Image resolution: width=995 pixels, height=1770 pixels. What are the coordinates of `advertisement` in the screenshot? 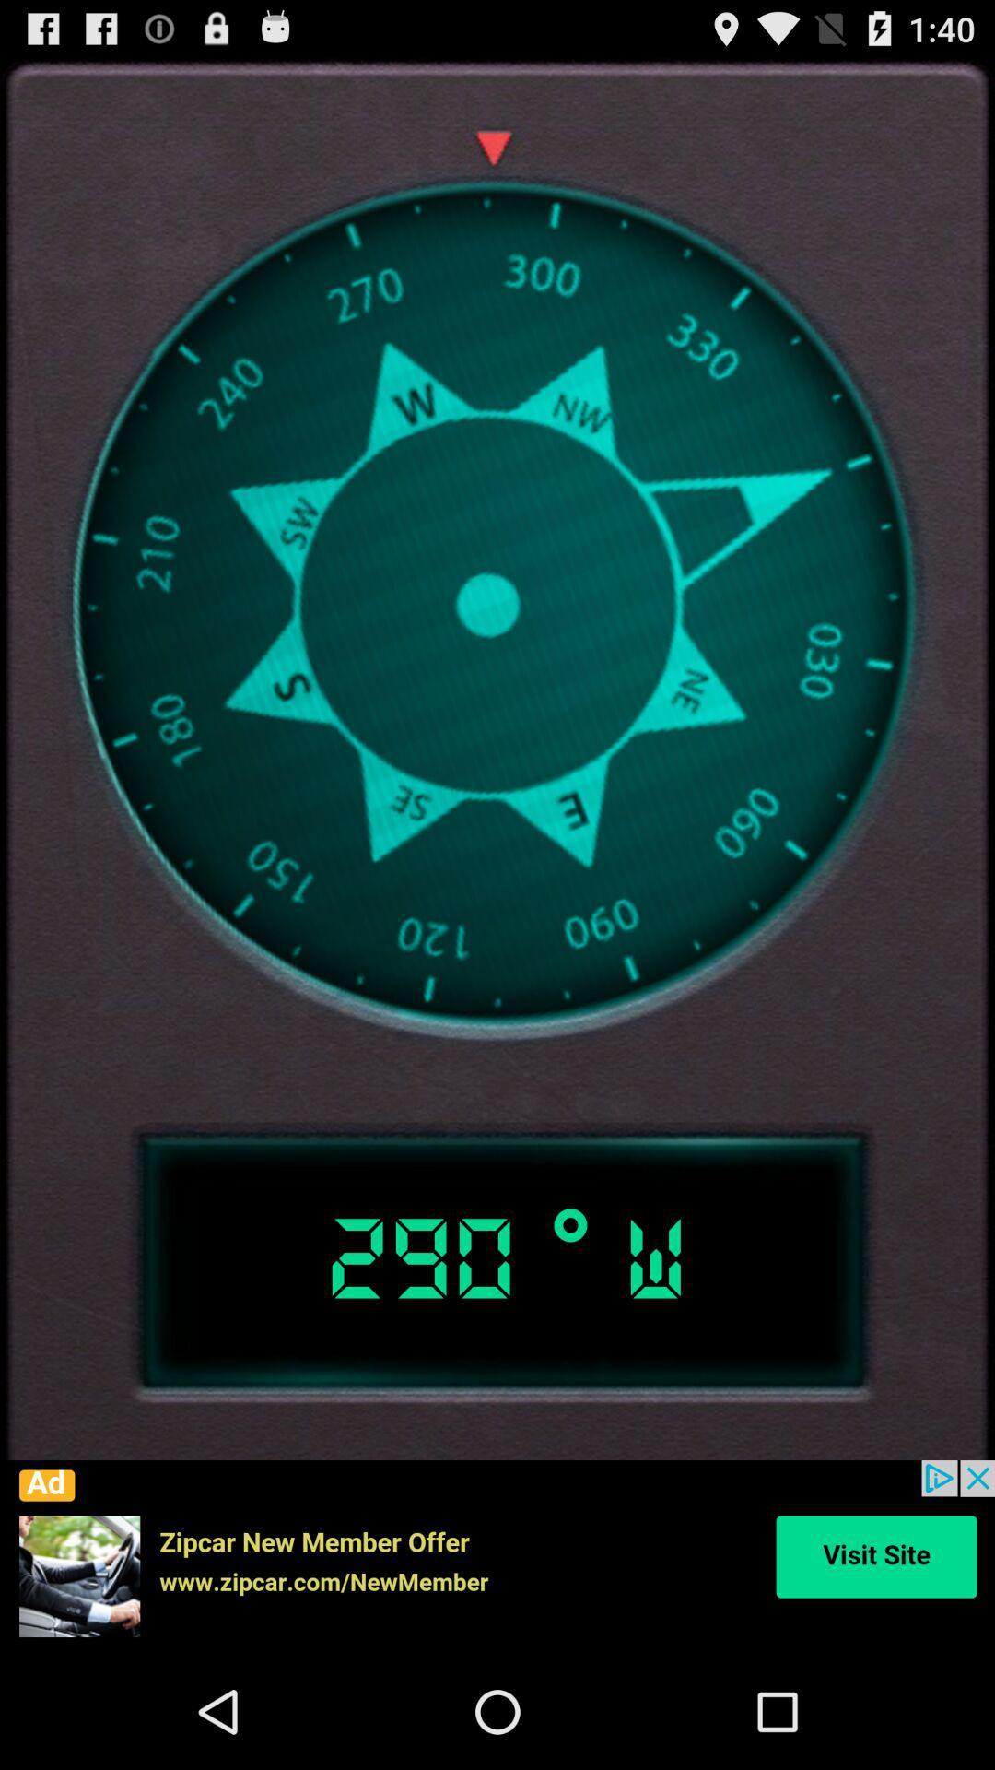 It's located at (497, 1556).